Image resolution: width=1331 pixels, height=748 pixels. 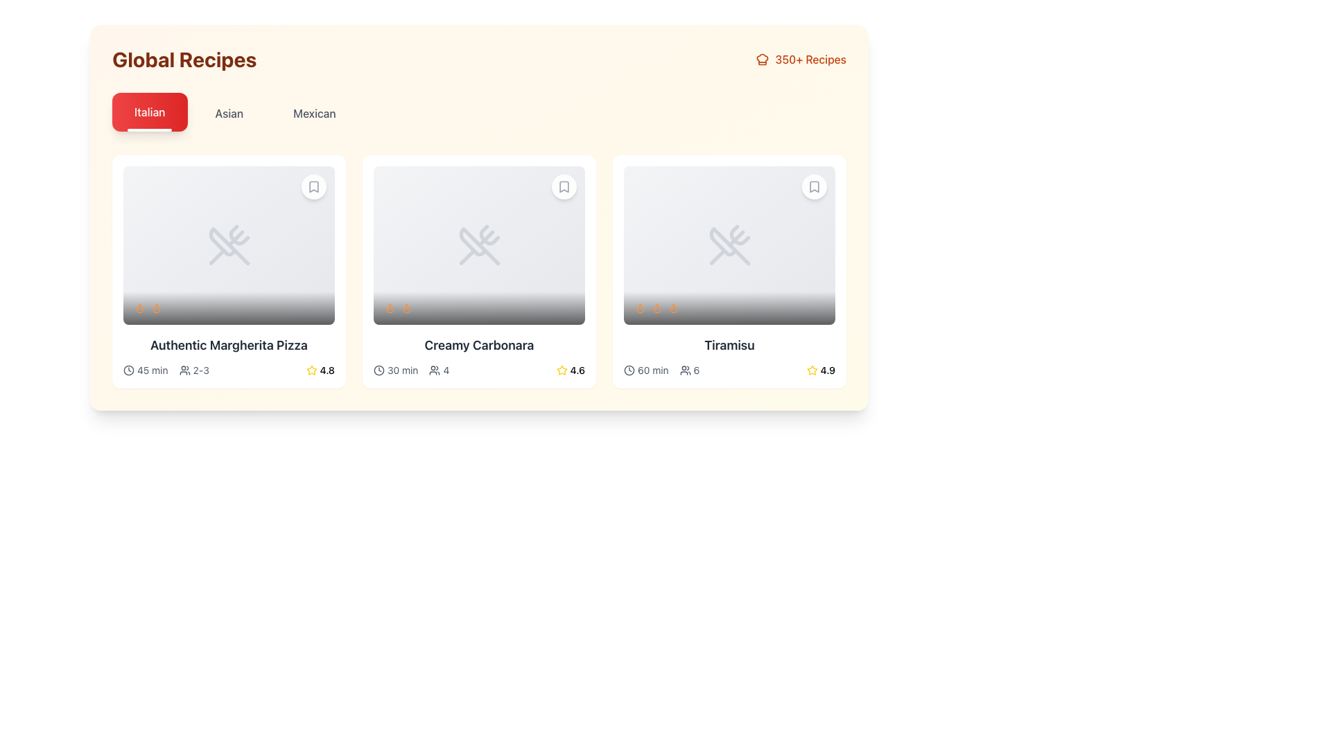 I want to click on the third flame icon indicating heat level for the 'Creamy Carbonara' recipe in the second recipe card, so click(x=406, y=306).